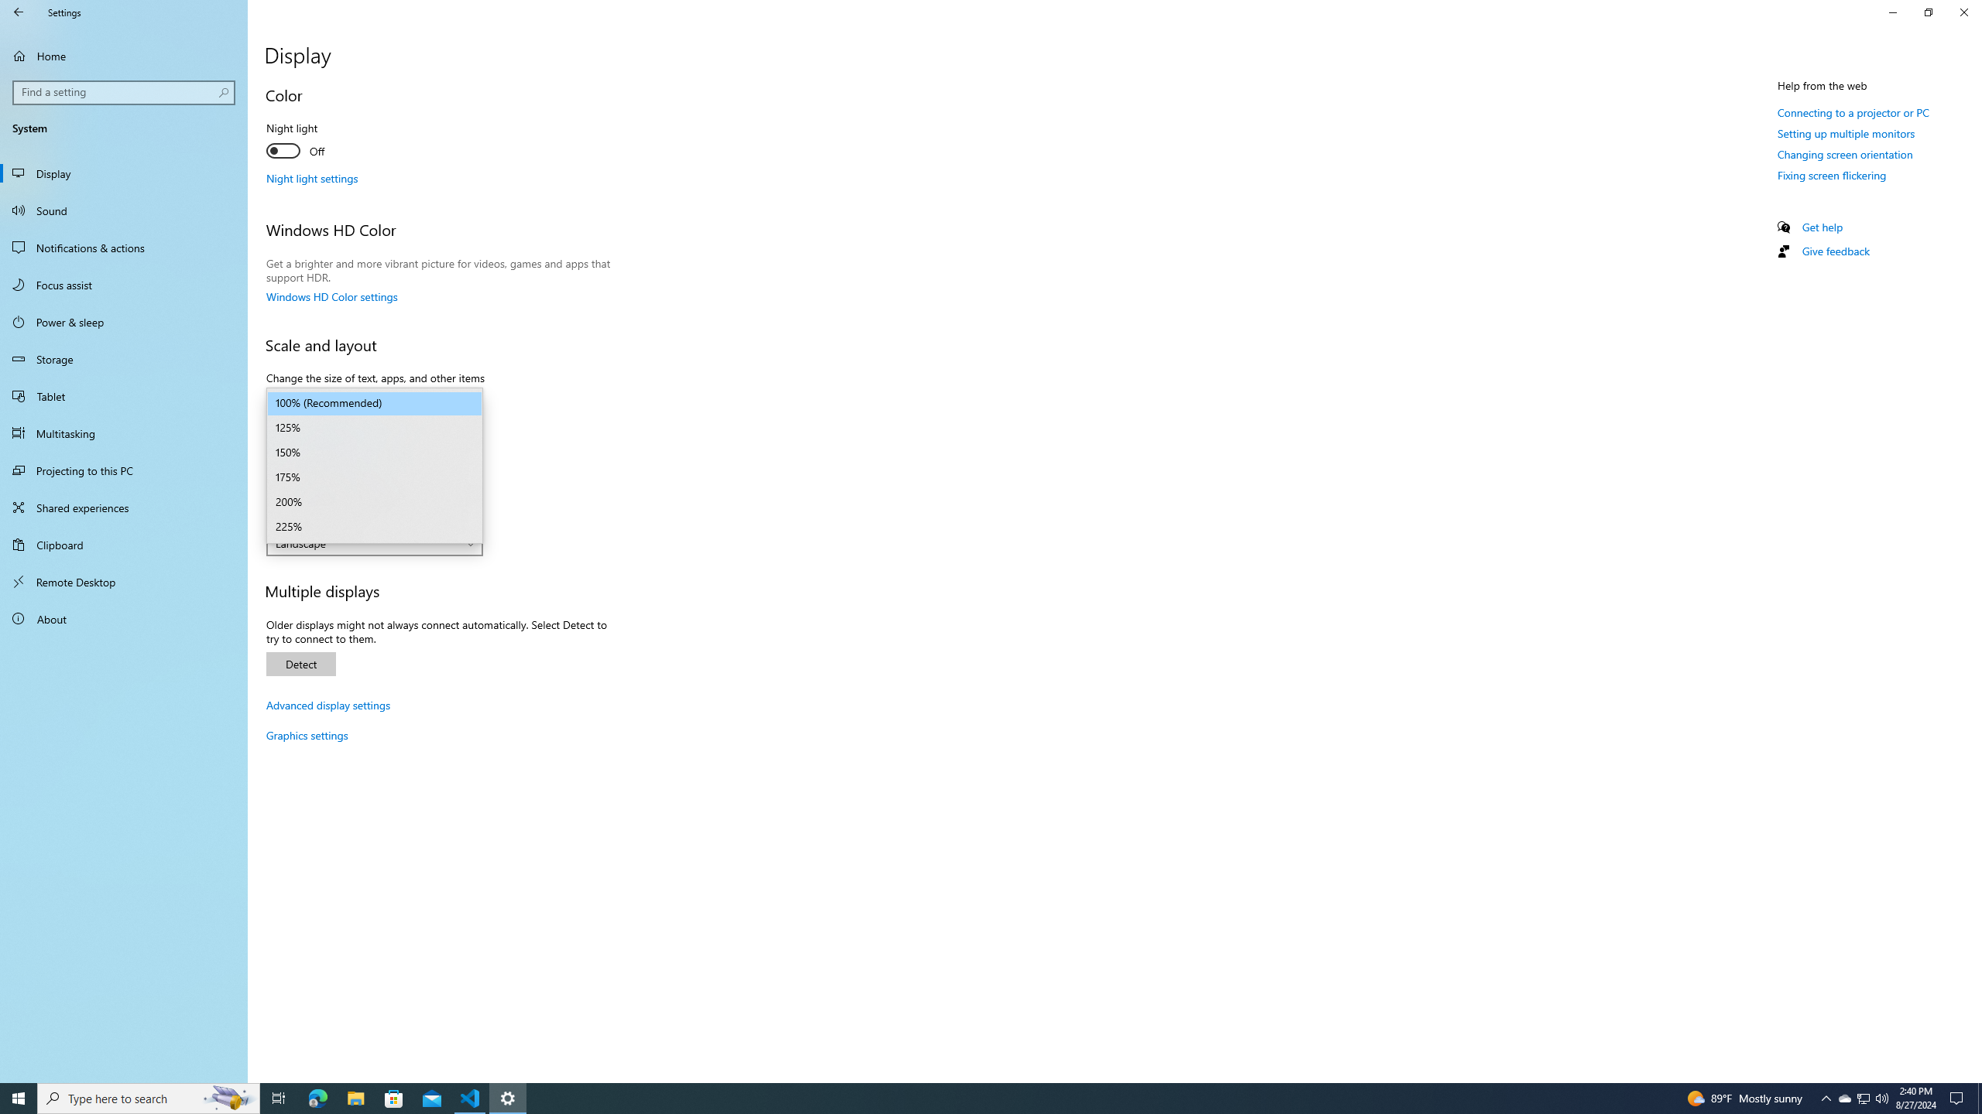  I want to click on 'Search box, Find a setting', so click(124, 91).